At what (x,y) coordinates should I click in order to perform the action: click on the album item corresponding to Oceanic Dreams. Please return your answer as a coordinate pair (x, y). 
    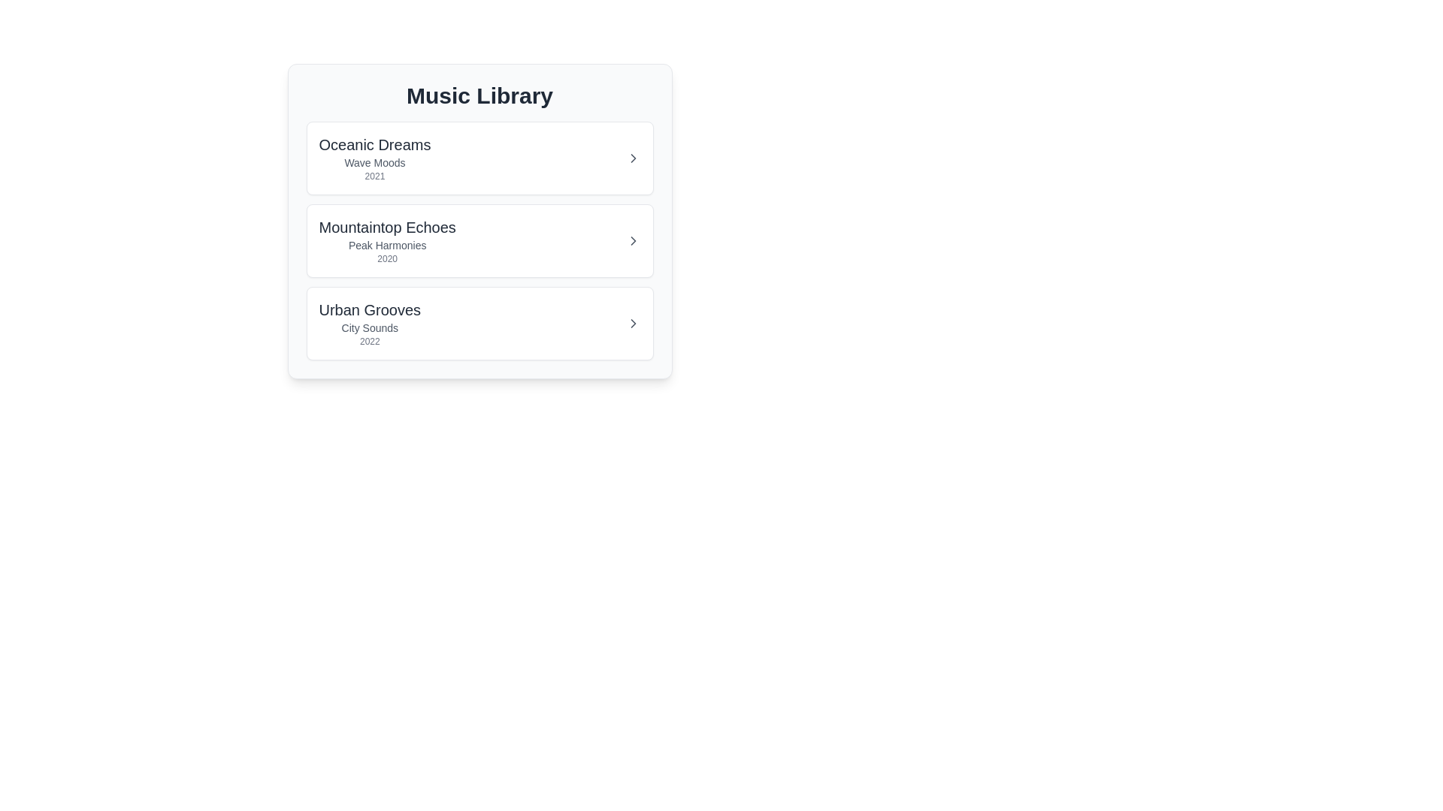
    Looking at the image, I should click on (479, 158).